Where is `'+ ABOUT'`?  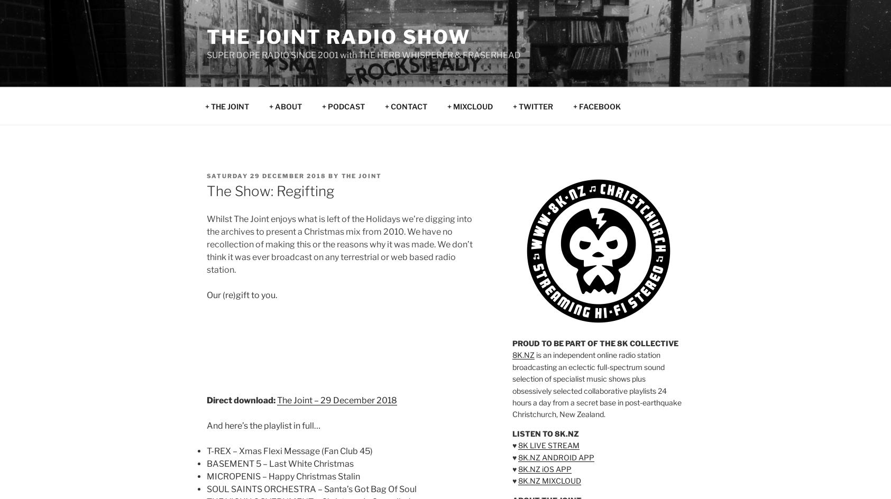
'+ ABOUT' is located at coordinates (286, 105).